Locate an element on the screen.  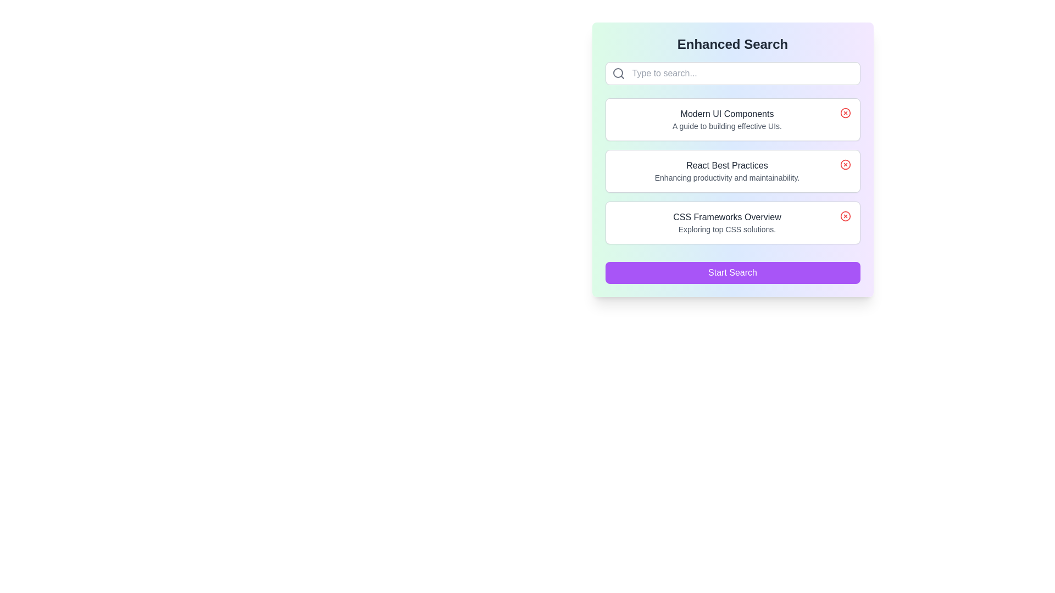
descriptive text label located below 'CSS Frameworks Overview' in the vertical list of items, specifically the description of the third item is located at coordinates (727, 228).